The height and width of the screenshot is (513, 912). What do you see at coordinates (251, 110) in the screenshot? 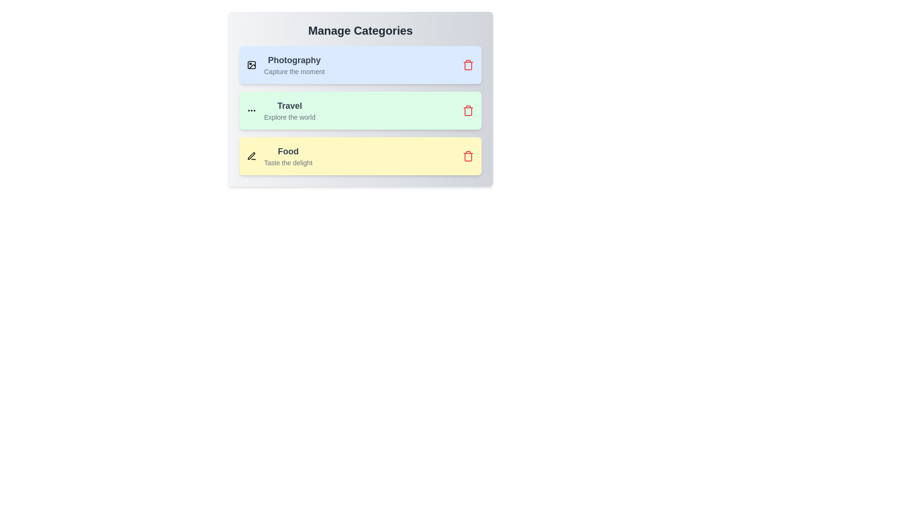
I see `the icon of the category Travel to view it` at bounding box center [251, 110].